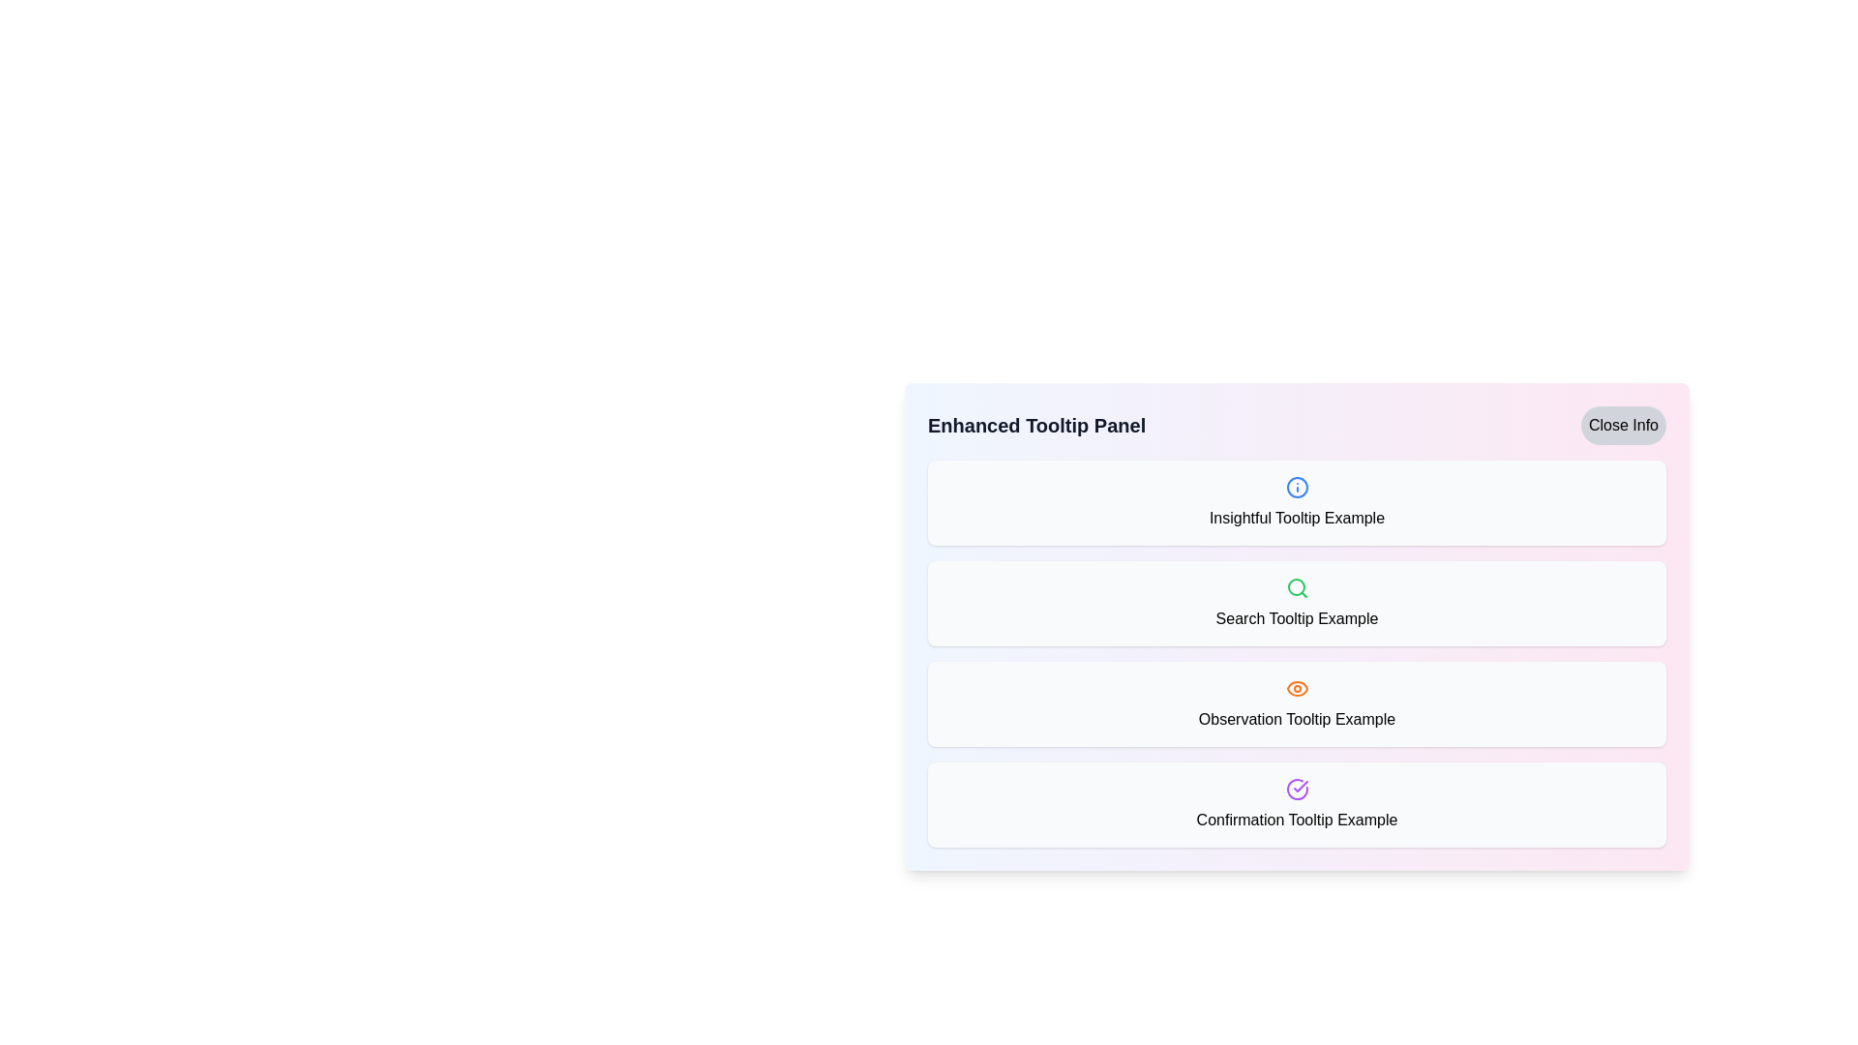 The width and height of the screenshot is (1858, 1045). What do you see at coordinates (1297, 603) in the screenshot?
I see `the informative panel related to search functionality` at bounding box center [1297, 603].